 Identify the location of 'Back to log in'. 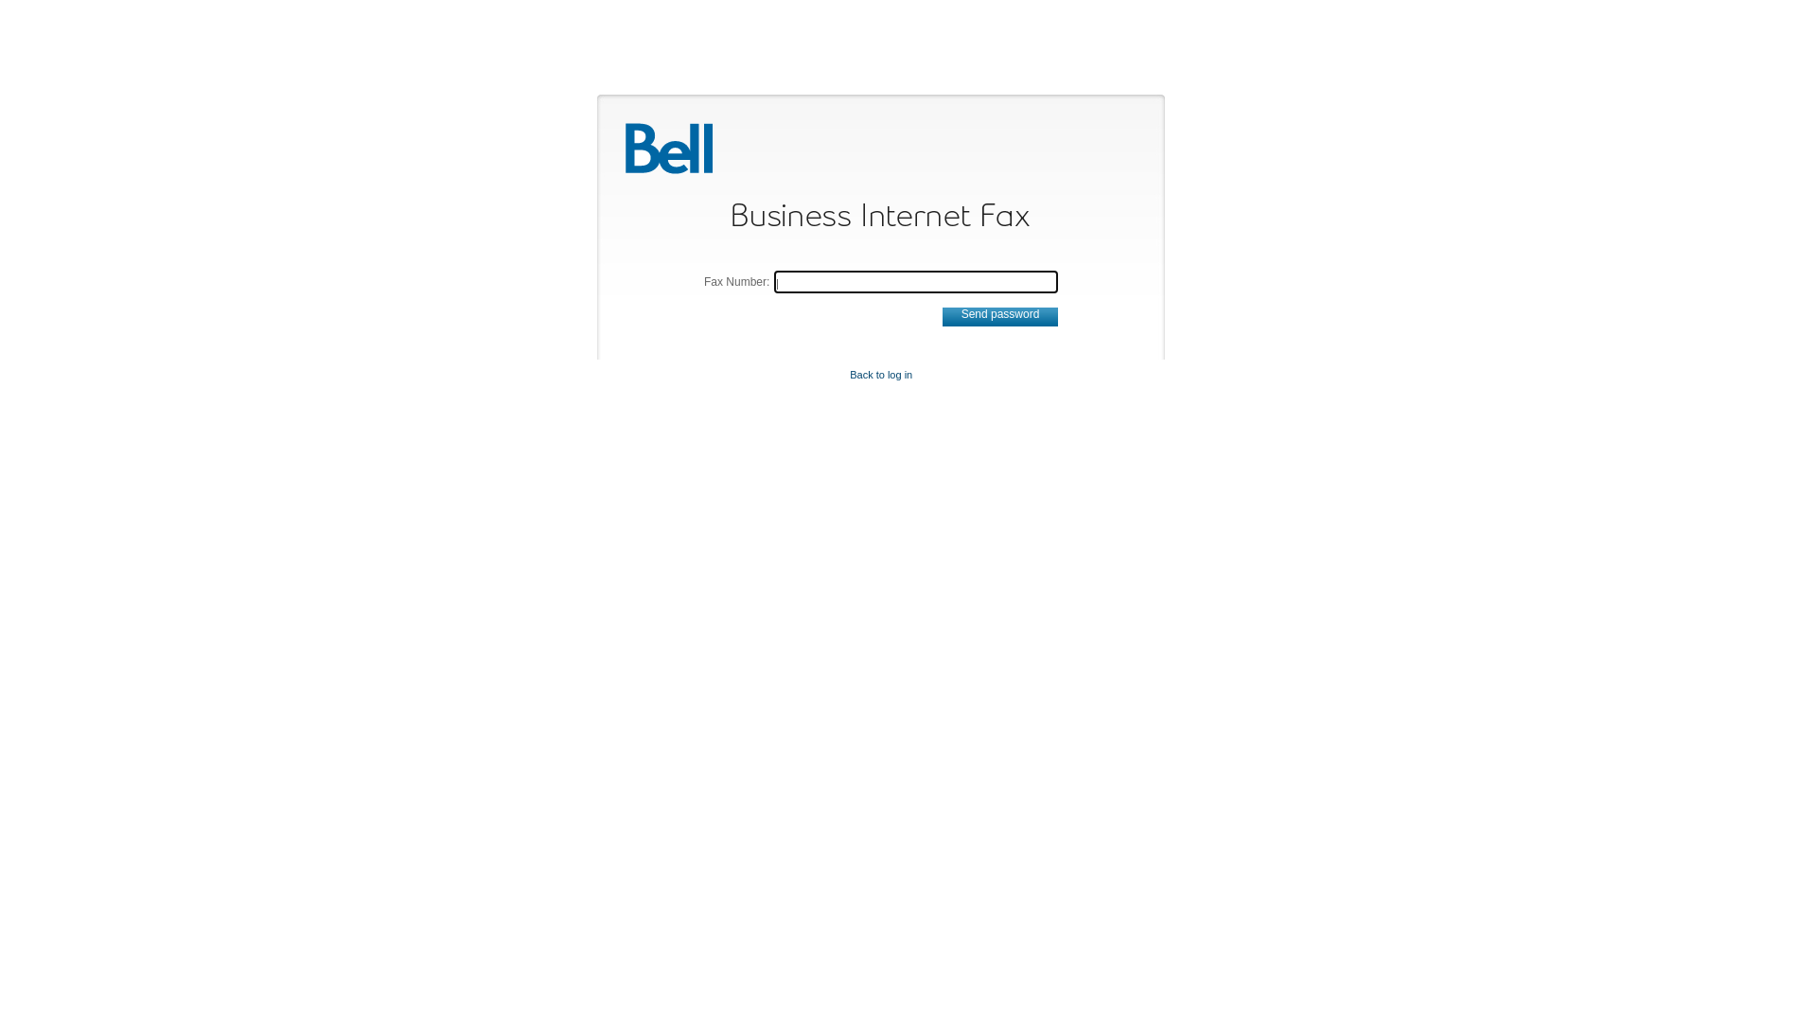
(848, 375).